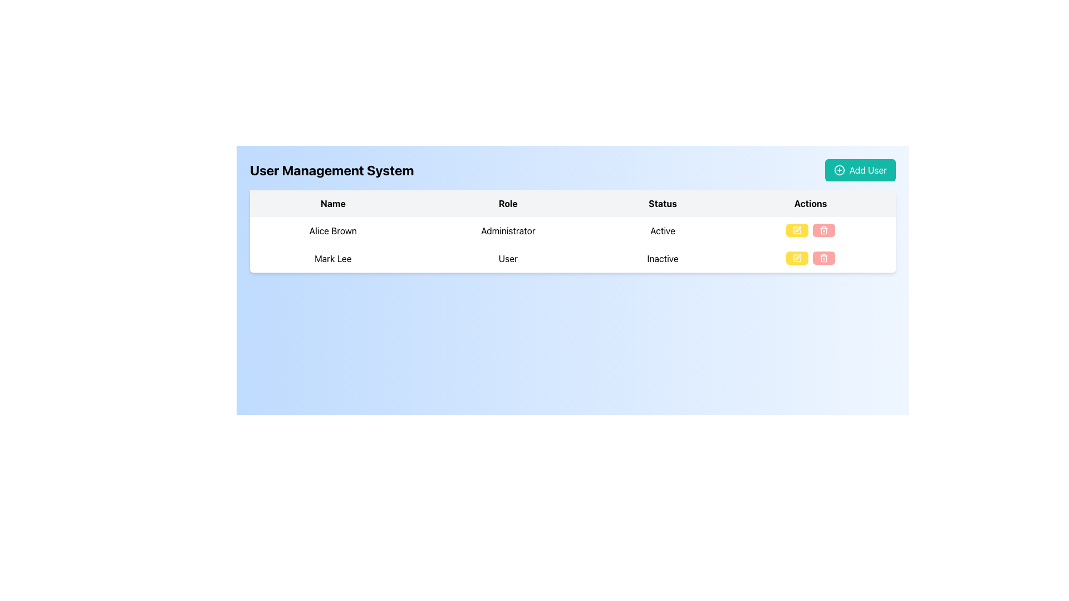 Image resolution: width=1069 pixels, height=601 pixels. Describe the element at coordinates (839, 170) in the screenshot. I see `the circular icon with a plus symbol at its center, which is located within the 'Add User' button in the top-right corner of the interface` at that location.